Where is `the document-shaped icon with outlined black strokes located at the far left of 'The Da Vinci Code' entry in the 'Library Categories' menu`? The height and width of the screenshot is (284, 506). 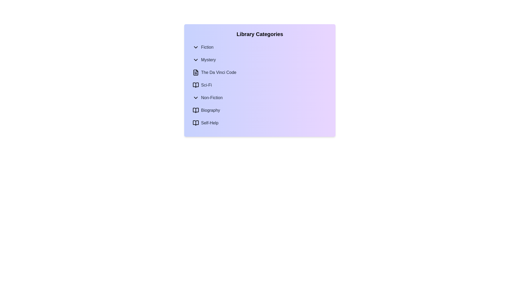
the document-shaped icon with outlined black strokes located at the far left of 'The Da Vinci Code' entry in the 'Library Categories' menu is located at coordinates (196, 73).